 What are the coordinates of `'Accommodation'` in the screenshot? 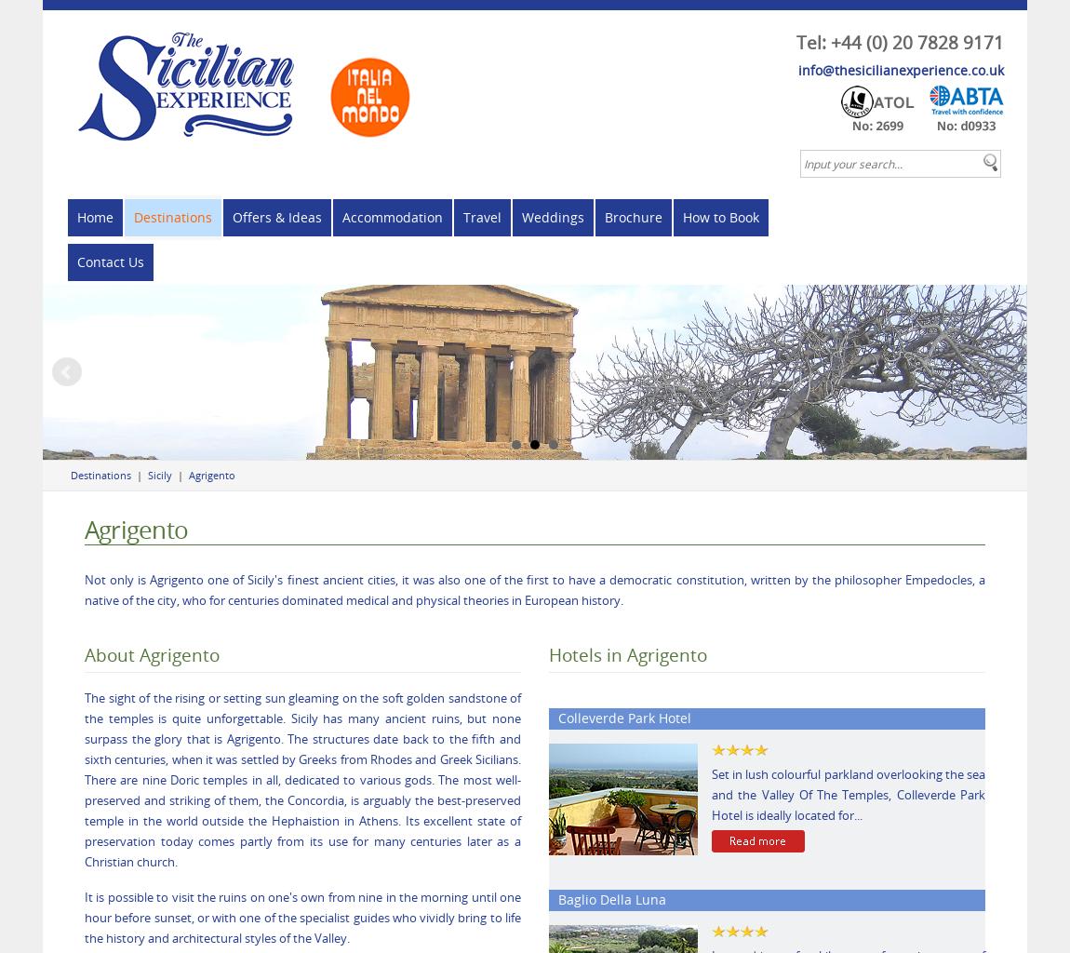 It's located at (393, 216).